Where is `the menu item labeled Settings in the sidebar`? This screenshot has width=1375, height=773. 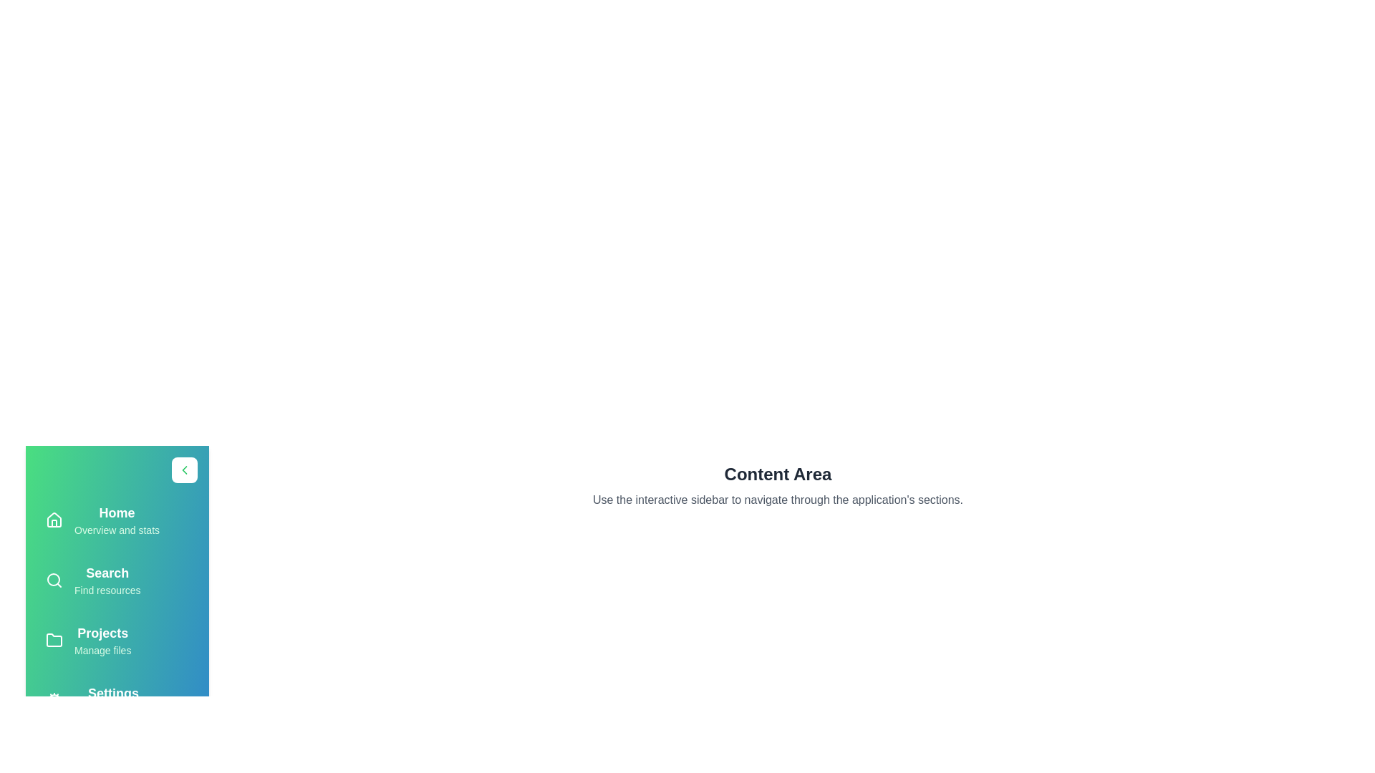
the menu item labeled Settings in the sidebar is located at coordinates (117, 700).